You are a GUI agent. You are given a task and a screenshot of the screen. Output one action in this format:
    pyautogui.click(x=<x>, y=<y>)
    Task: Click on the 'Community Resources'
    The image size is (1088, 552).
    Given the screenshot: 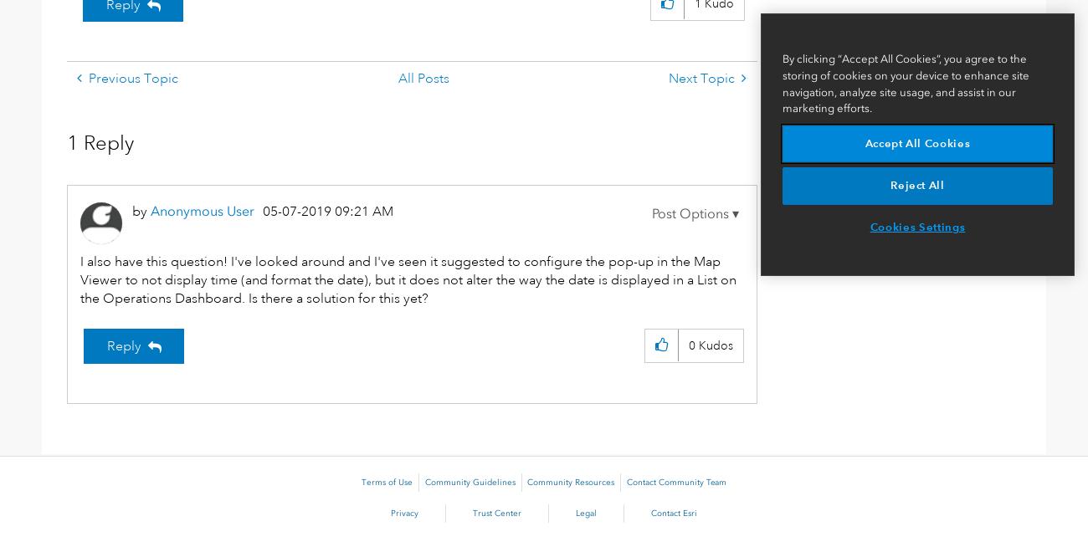 What is the action you would take?
    pyautogui.click(x=569, y=481)
    